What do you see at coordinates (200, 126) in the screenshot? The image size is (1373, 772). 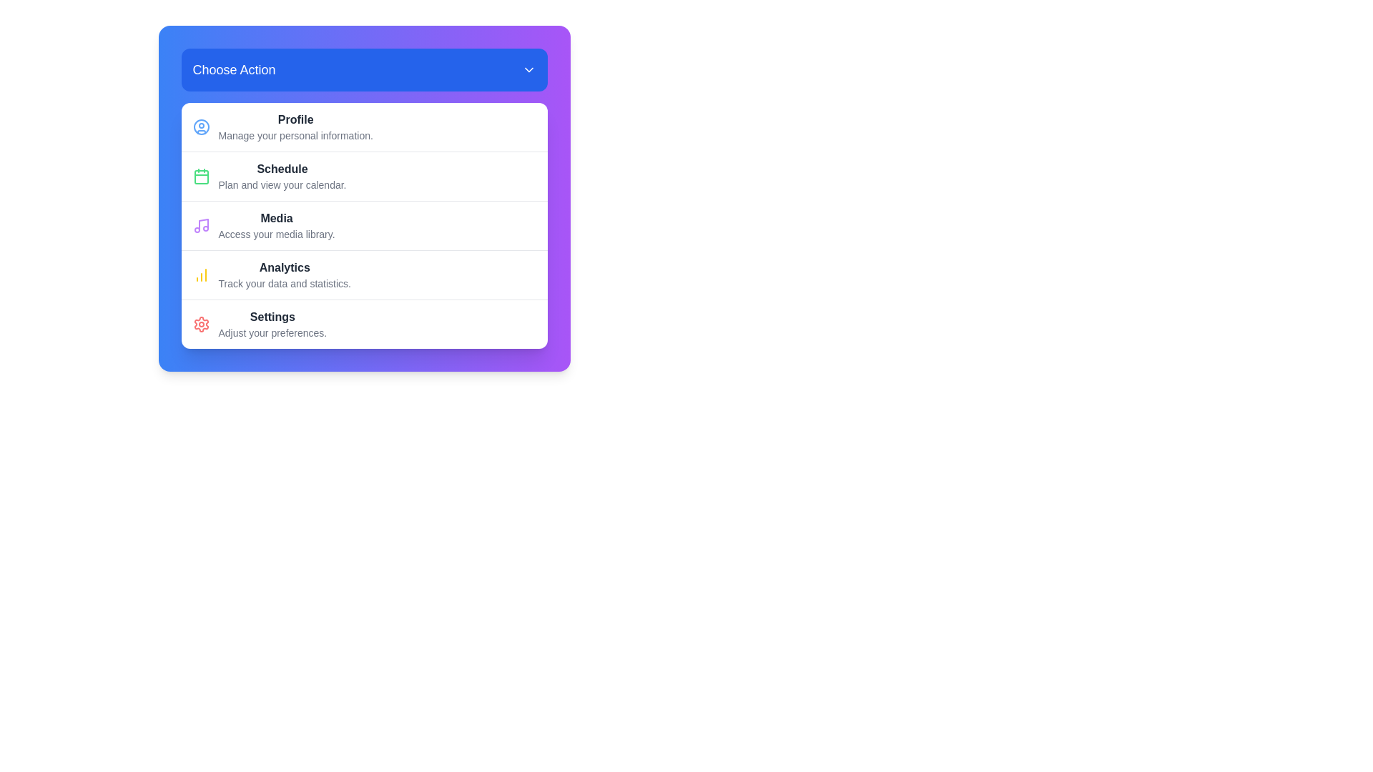 I see `the Circular SVG graphic element that serves as a visual boundary for the user profile icon` at bounding box center [200, 126].